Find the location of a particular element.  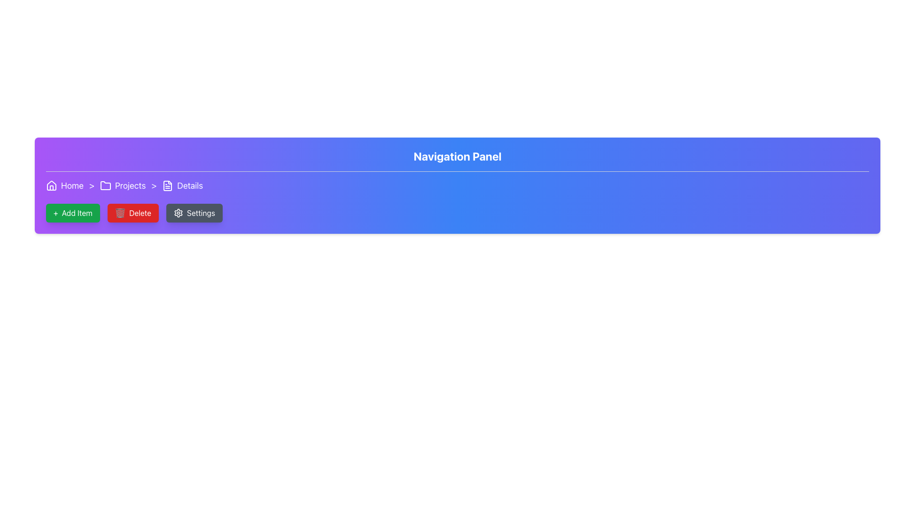

text label indicating the 'Delete' action, which is located to the right of the trash can icon within the button labeled '🗑Delete' is located at coordinates (140, 213).